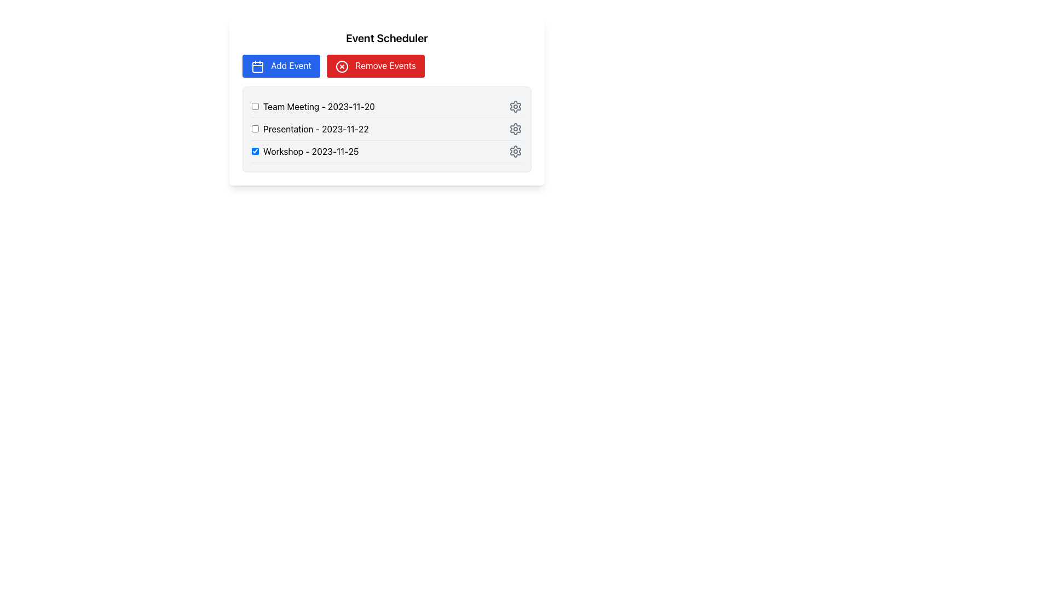 This screenshot has height=591, width=1051. Describe the element at coordinates (257, 66) in the screenshot. I see `the calendar icon, which is a simple outlined calendar with a blue background, located within the 'Add Event' button to the left of the text 'Add Event.'` at that location.